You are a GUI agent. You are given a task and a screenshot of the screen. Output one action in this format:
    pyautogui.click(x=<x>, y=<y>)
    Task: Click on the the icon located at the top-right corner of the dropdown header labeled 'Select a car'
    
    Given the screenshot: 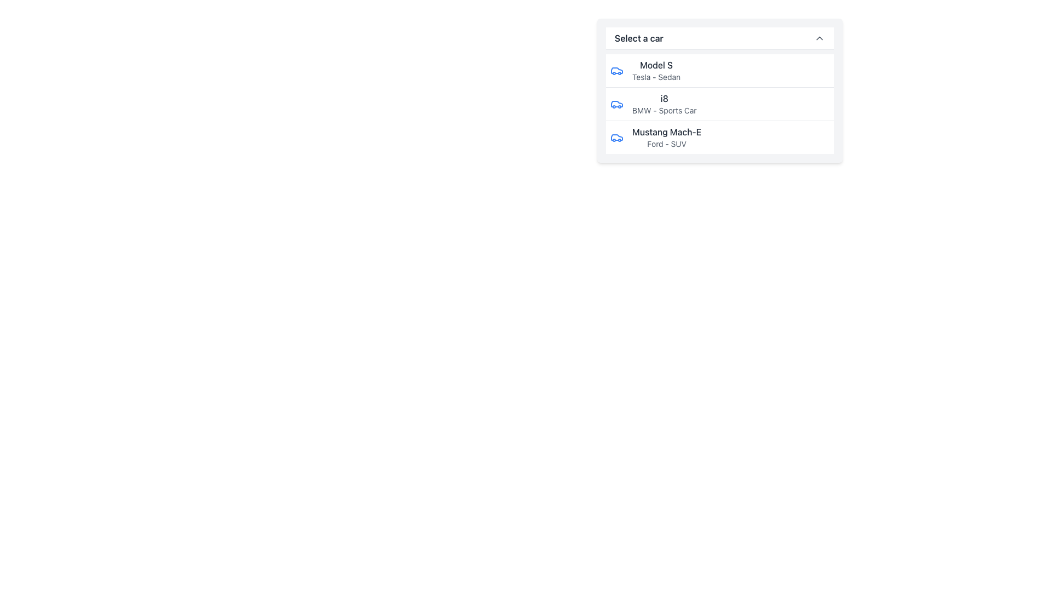 What is the action you would take?
    pyautogui.click(x=820, y=37)
    